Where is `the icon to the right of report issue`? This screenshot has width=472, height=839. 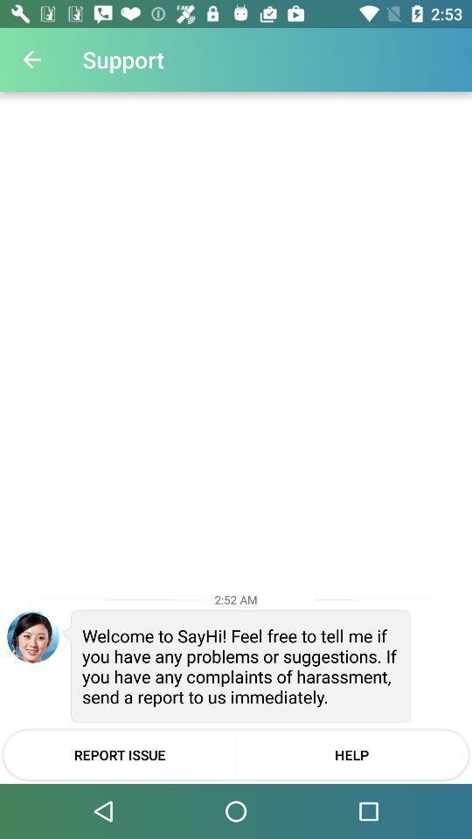 the icon to the right of report issue is located at coordinates (351, 753).